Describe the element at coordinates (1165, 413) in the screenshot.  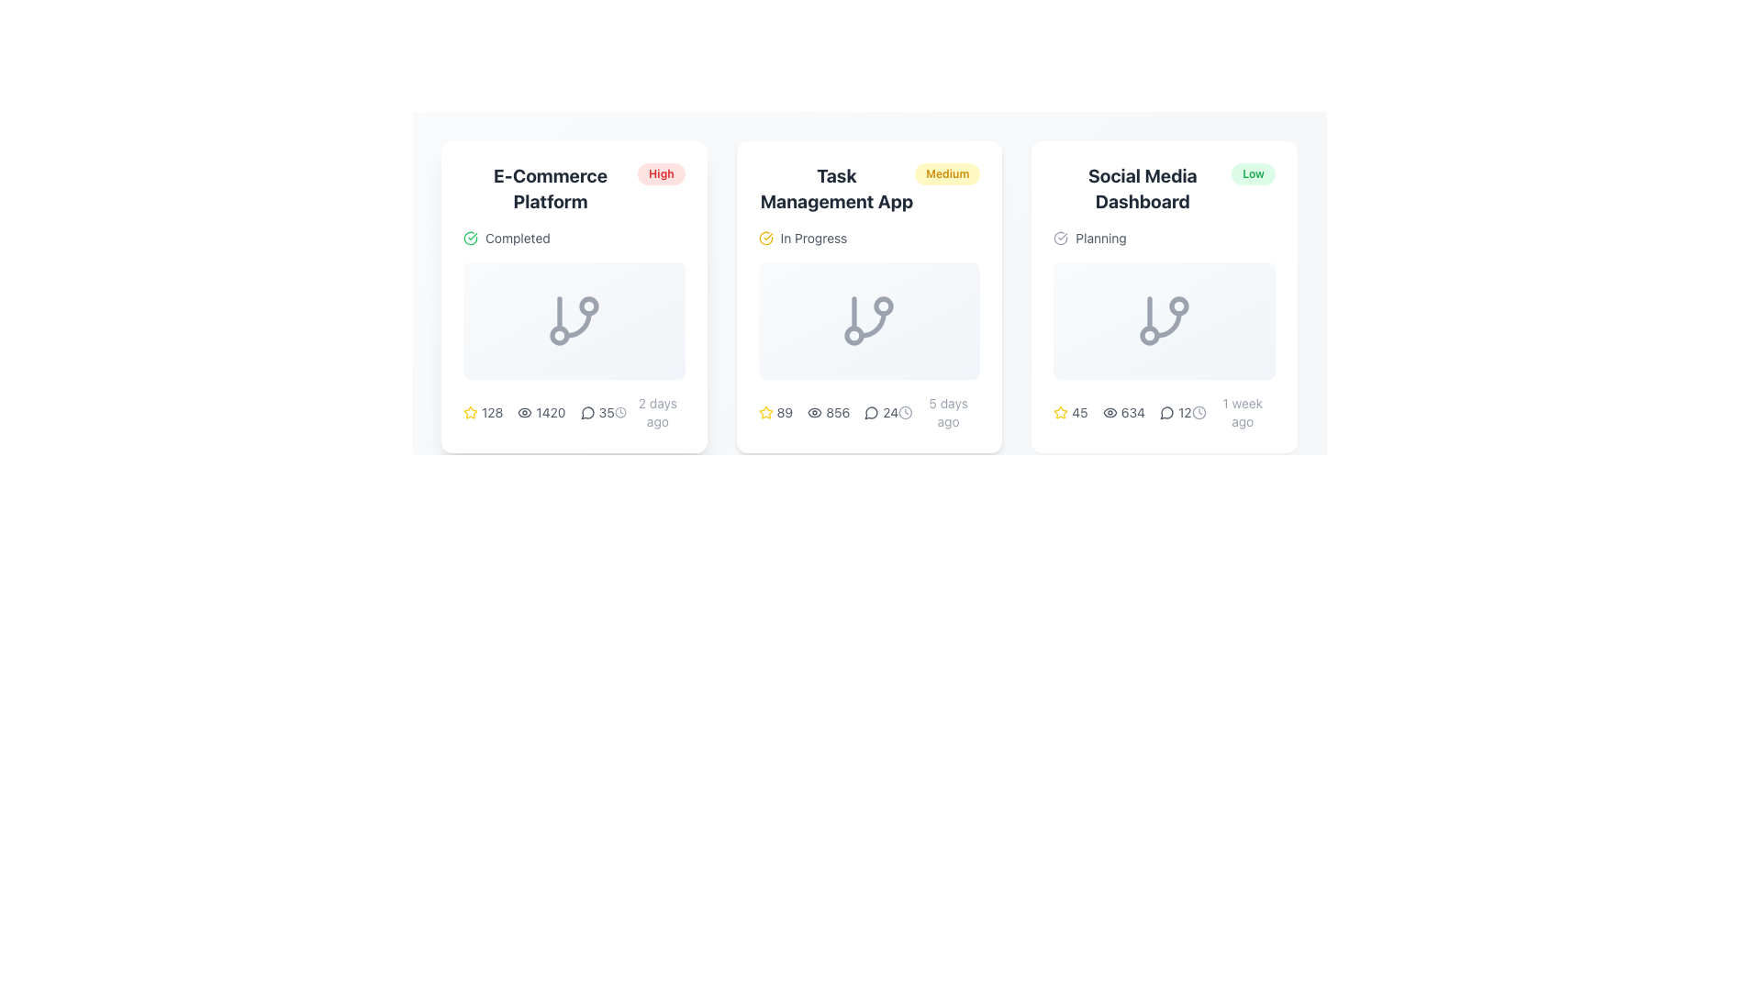
I see `the visual indicator icon for messages or comments within the third card labeled 'Social Media Dashboard'` at that location.